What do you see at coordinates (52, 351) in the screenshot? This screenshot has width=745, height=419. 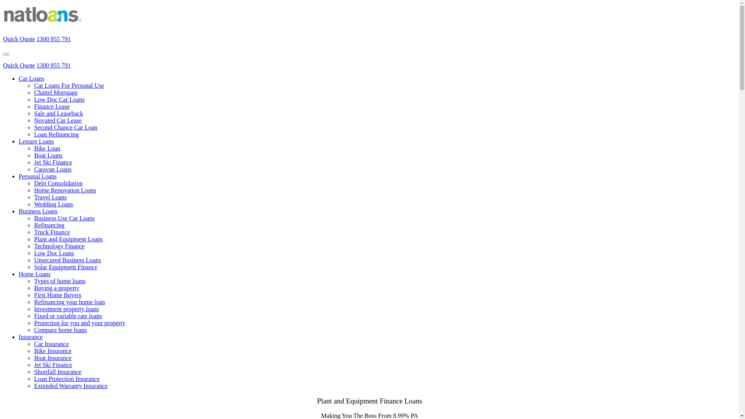 I see `'Bike Insurance'` at bounding box center [52, 351].